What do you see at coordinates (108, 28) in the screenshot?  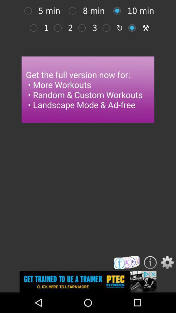 I see `replay` at bounding box center [108, 28].